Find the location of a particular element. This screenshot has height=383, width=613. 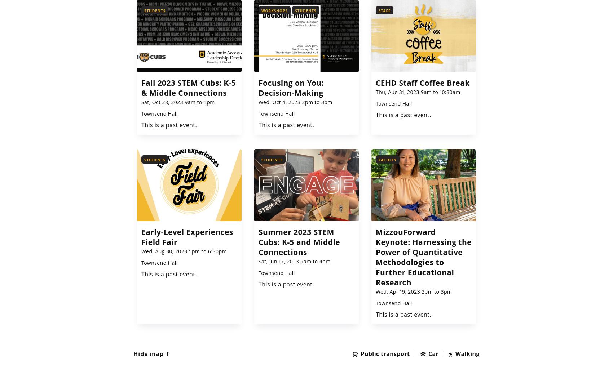

'Walking' is located at coordinates (467, 353).